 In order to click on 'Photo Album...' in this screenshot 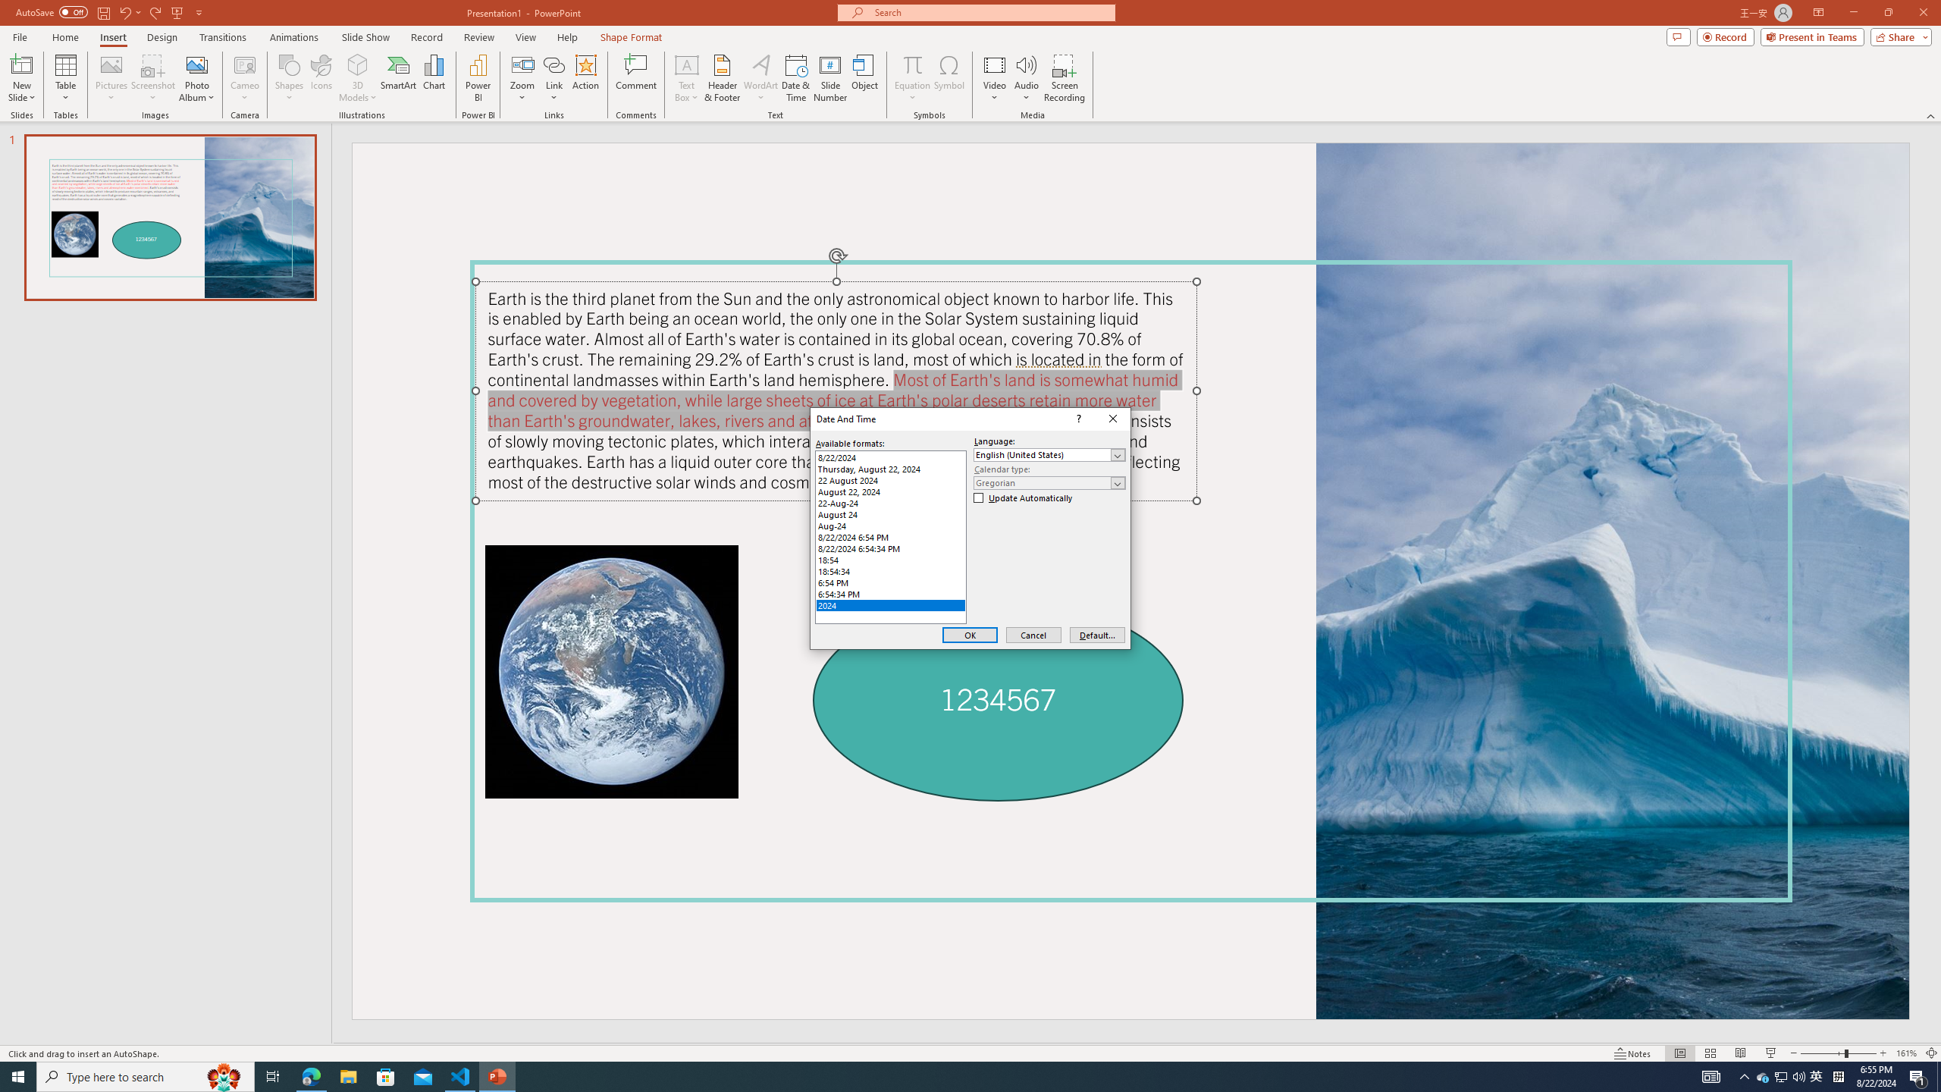, I will do `click(196, 78)`.